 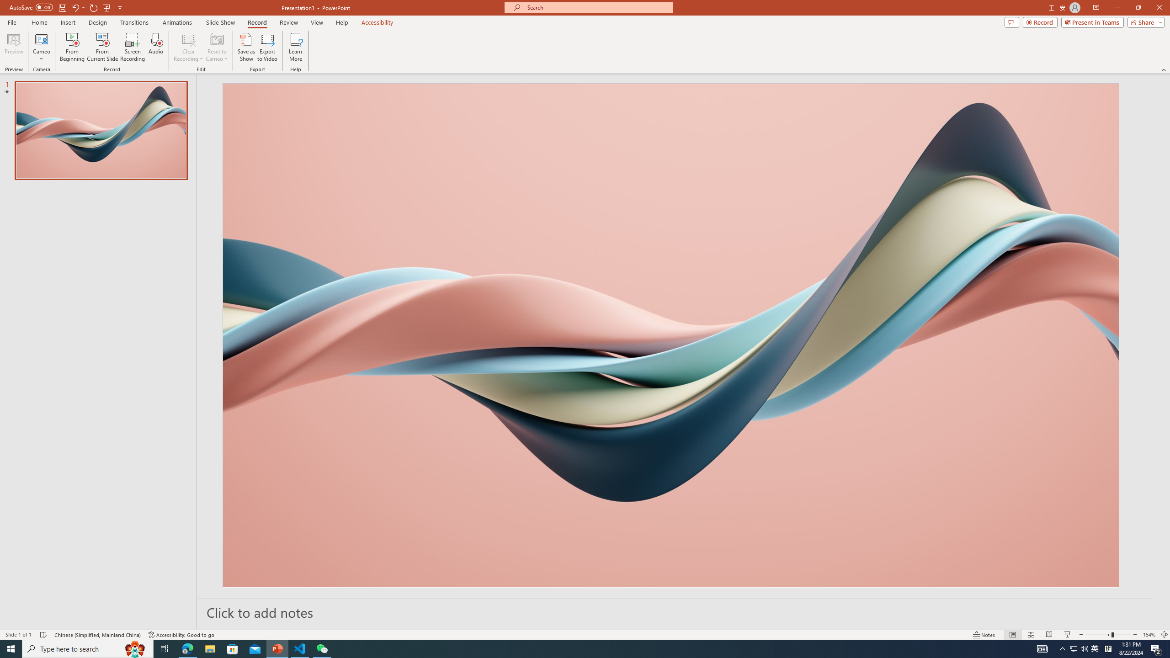 What do you see at coordinates (670, 334) in the screenshot?
I see `'Wavy 3D art'` at bounding box center [670, 334].